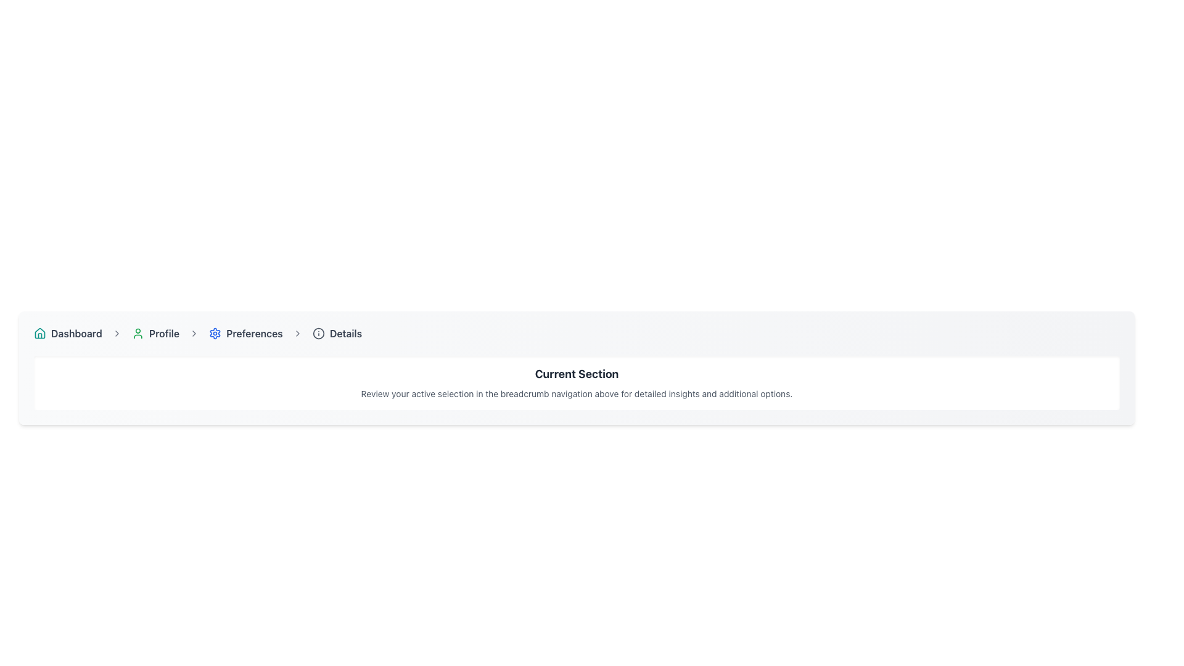 Image resolution: width=1184 pixels, height=666 pixels. Describe the element at coordinates (163, 333) in the screenshot. I see `the 'Profile' label in the breadcrumb navigation bar, which is the second element following 'Dashboard' and preceding 'Preferences'` at that location.